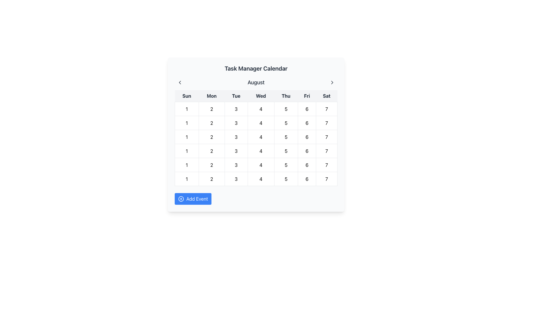 The image size is (560, 315). I want to click on the date label displaying the 7th day in the last column (Saturday) of the calendar grid, specifically located in the second row, so click(327, 137).